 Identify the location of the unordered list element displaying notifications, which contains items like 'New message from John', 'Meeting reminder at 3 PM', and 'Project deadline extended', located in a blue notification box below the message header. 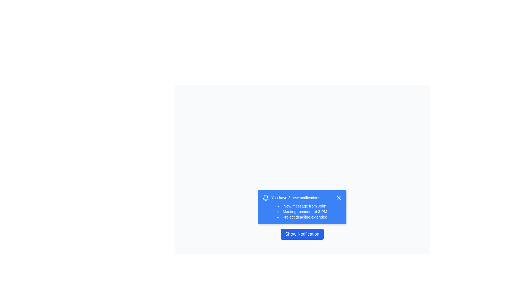
(302, 211).